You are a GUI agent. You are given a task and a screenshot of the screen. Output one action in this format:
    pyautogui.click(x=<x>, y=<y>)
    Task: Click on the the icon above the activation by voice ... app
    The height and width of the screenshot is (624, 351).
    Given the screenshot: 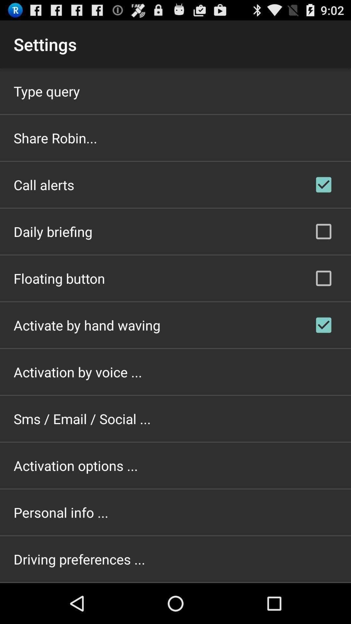 What is the action you would take?
    pyautogui.click(x=86, y=325)
    